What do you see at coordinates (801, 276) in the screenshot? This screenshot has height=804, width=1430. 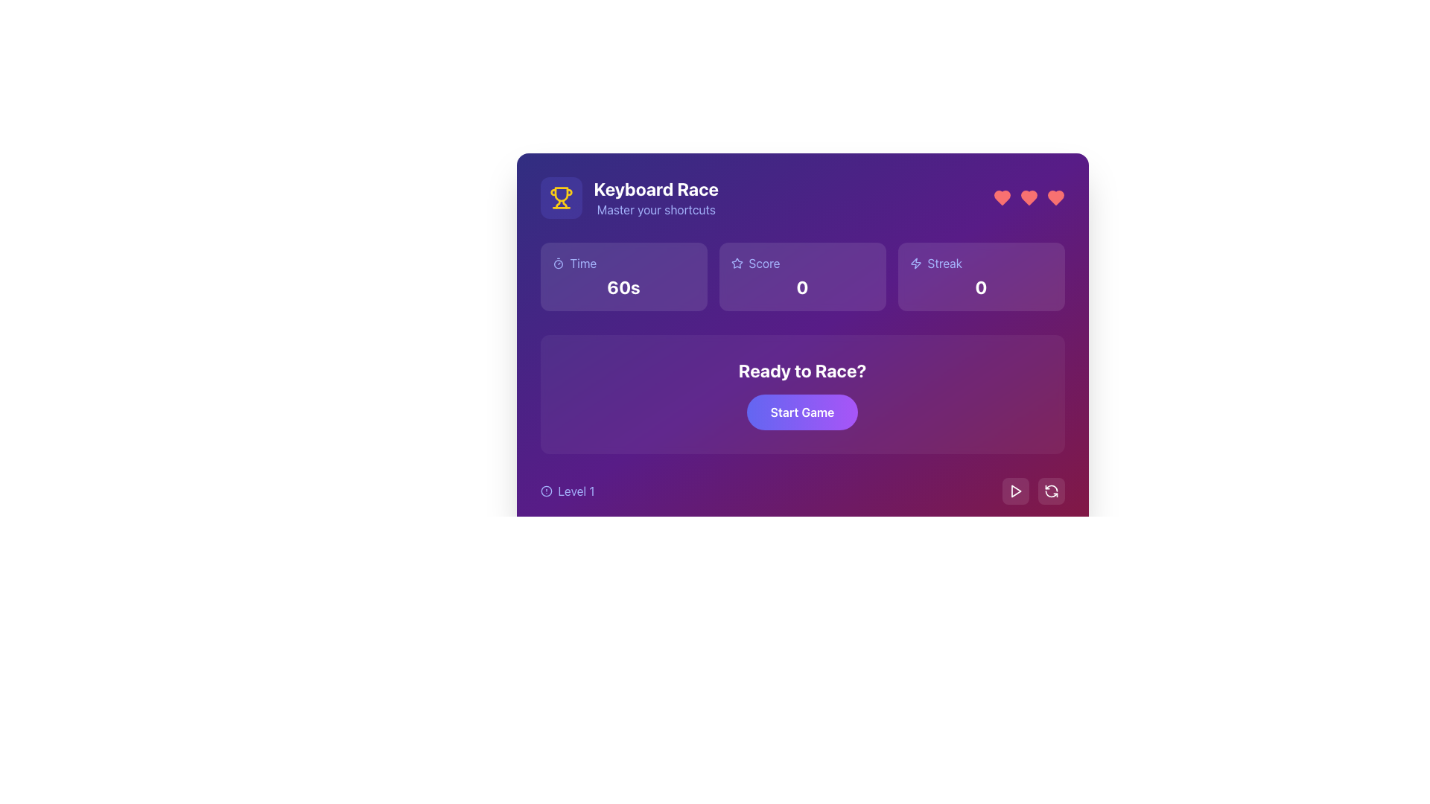 I see `the informational card displaying the 'Score' label and the numerical score value of '0', which has a purple background and is centrally positioned among three segments in the 'Keyboard Race' interface` at bounding box center [801, 276].